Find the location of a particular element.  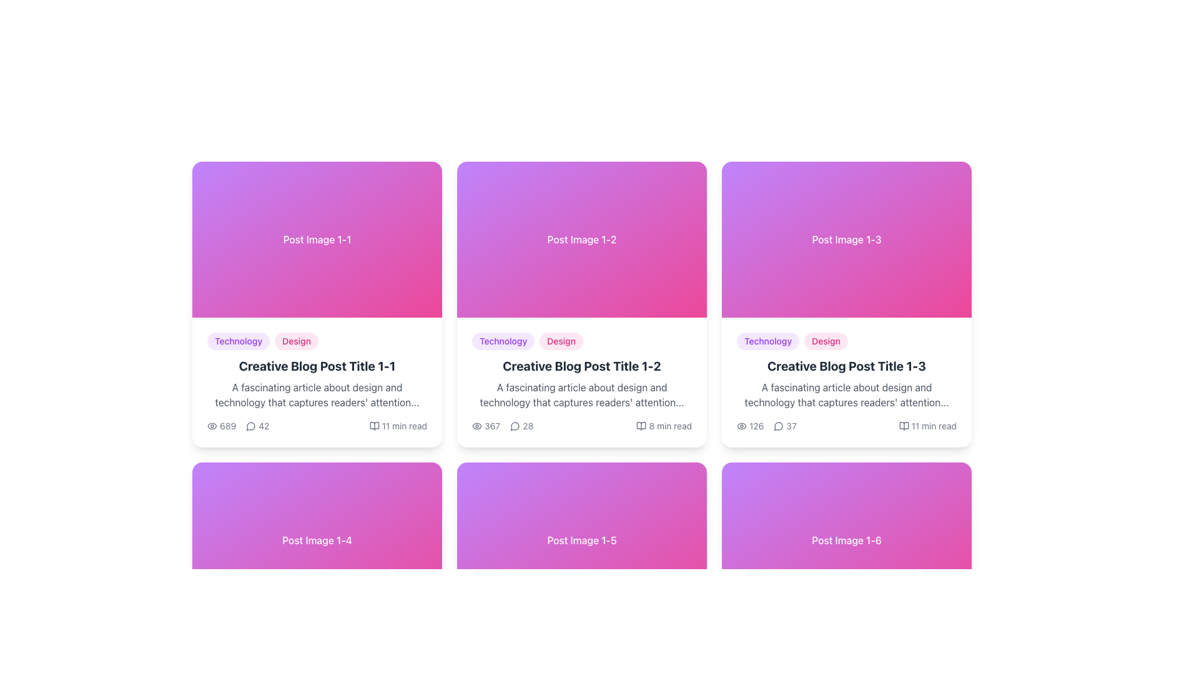

the text label that displays 'Creative Blog Post Title 1-1' to change its color from dark gray to purple is located at coordinates (317, 365).